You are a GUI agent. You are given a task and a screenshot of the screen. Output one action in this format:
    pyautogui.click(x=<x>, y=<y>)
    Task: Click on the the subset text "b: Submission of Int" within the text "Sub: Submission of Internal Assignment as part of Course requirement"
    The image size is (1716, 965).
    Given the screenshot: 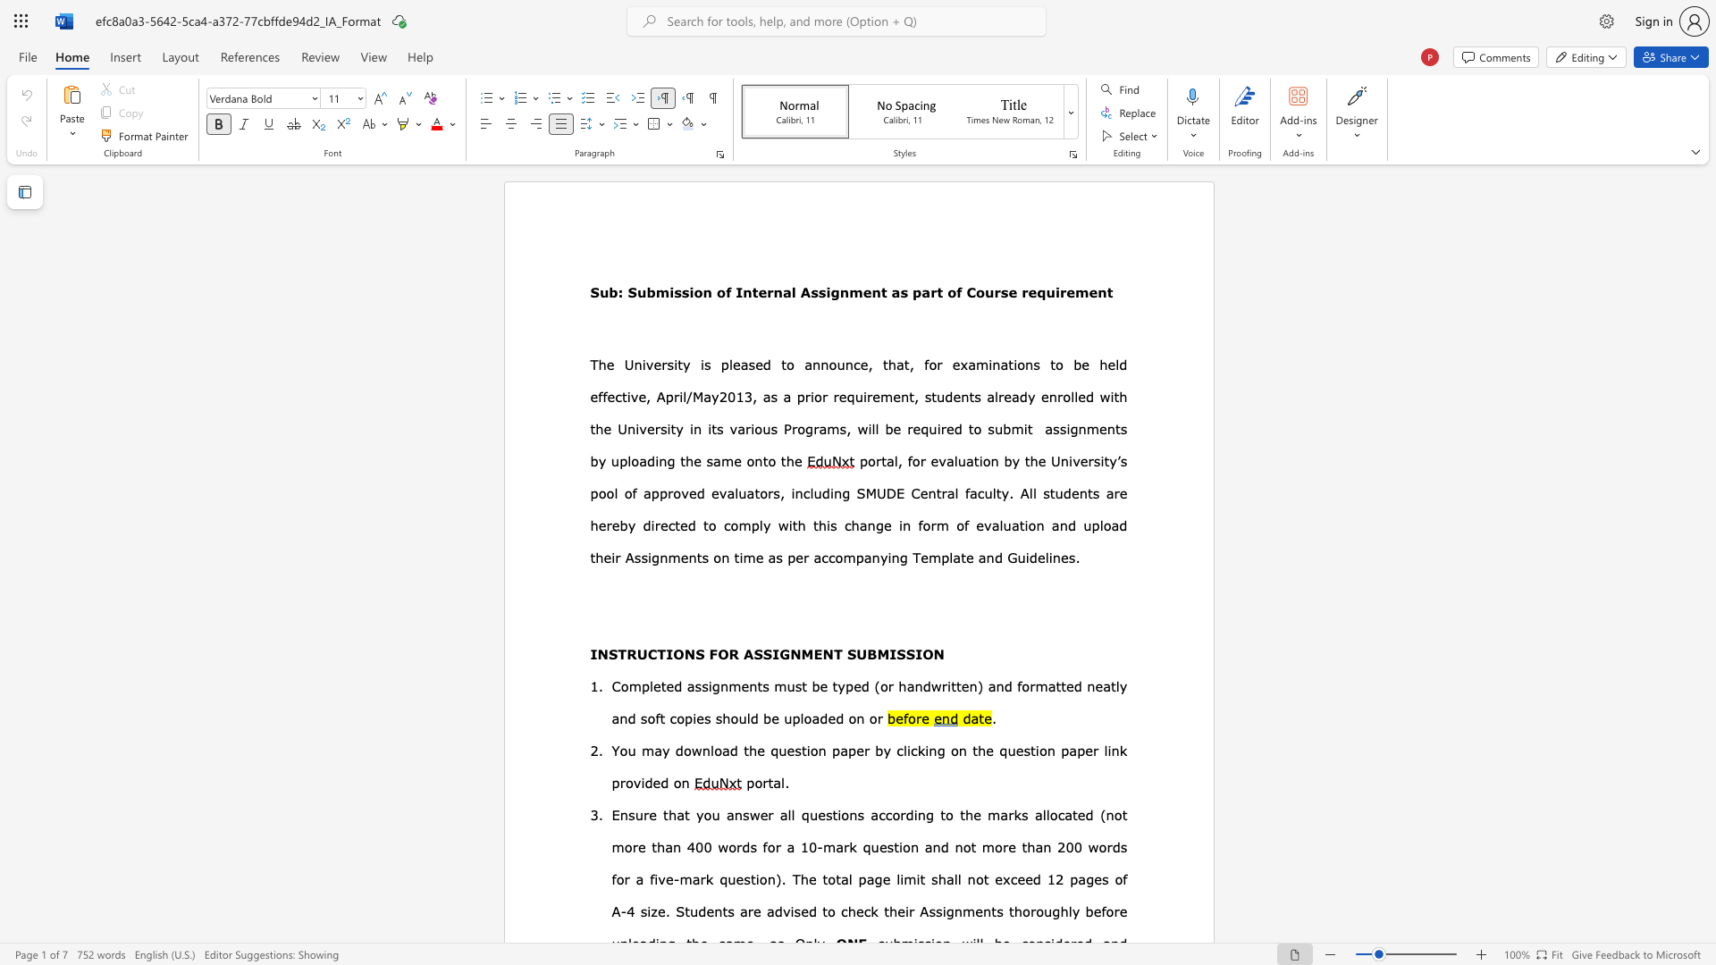 What is the action you would take?
    pyautogui.click(x=609, y=291)
    